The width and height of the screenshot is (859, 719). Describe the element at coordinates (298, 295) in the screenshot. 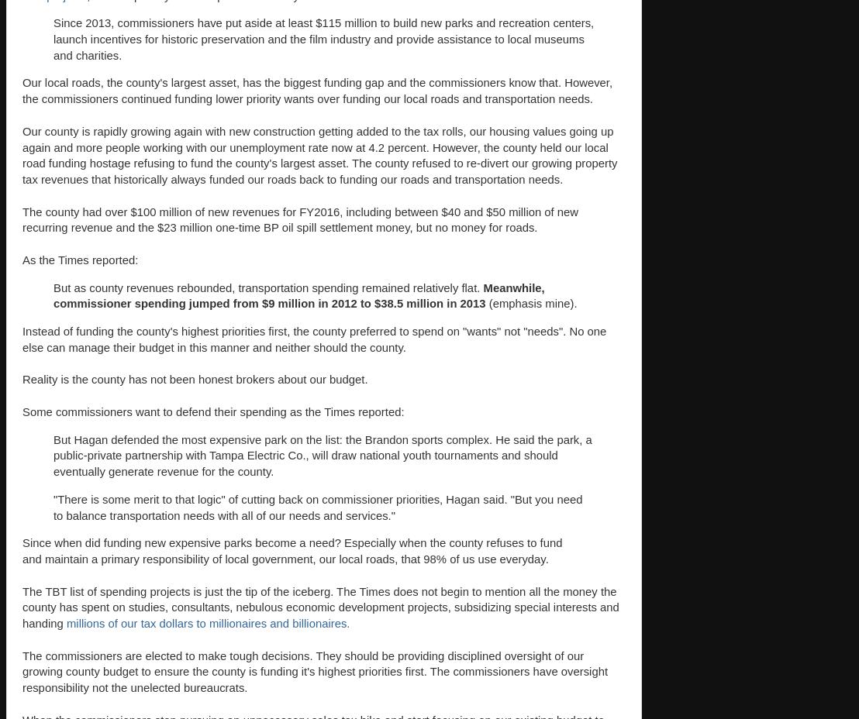

I see `'Meanwhile, commissioner spending jumped from $9 million in 2012 to $38.5 million in 2013'` at that location.